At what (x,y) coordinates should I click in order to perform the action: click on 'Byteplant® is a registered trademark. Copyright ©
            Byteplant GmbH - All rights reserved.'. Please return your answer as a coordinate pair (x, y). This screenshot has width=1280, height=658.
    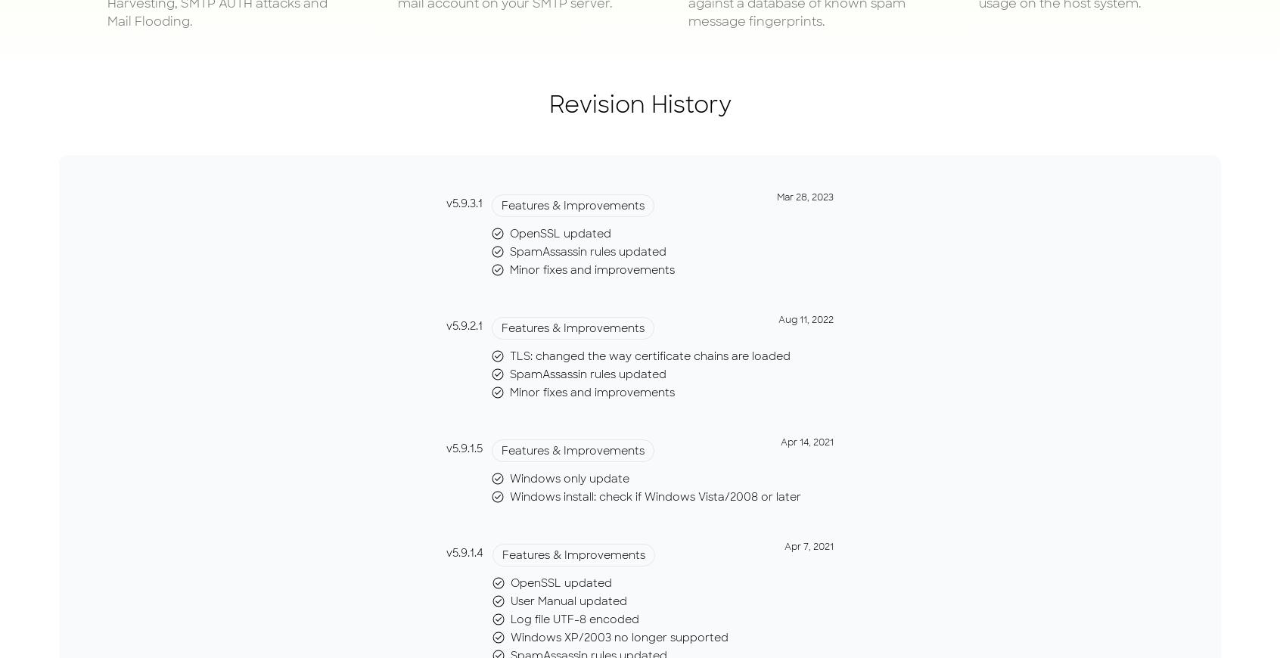
    Looking at the image, I should click on (640, 191).